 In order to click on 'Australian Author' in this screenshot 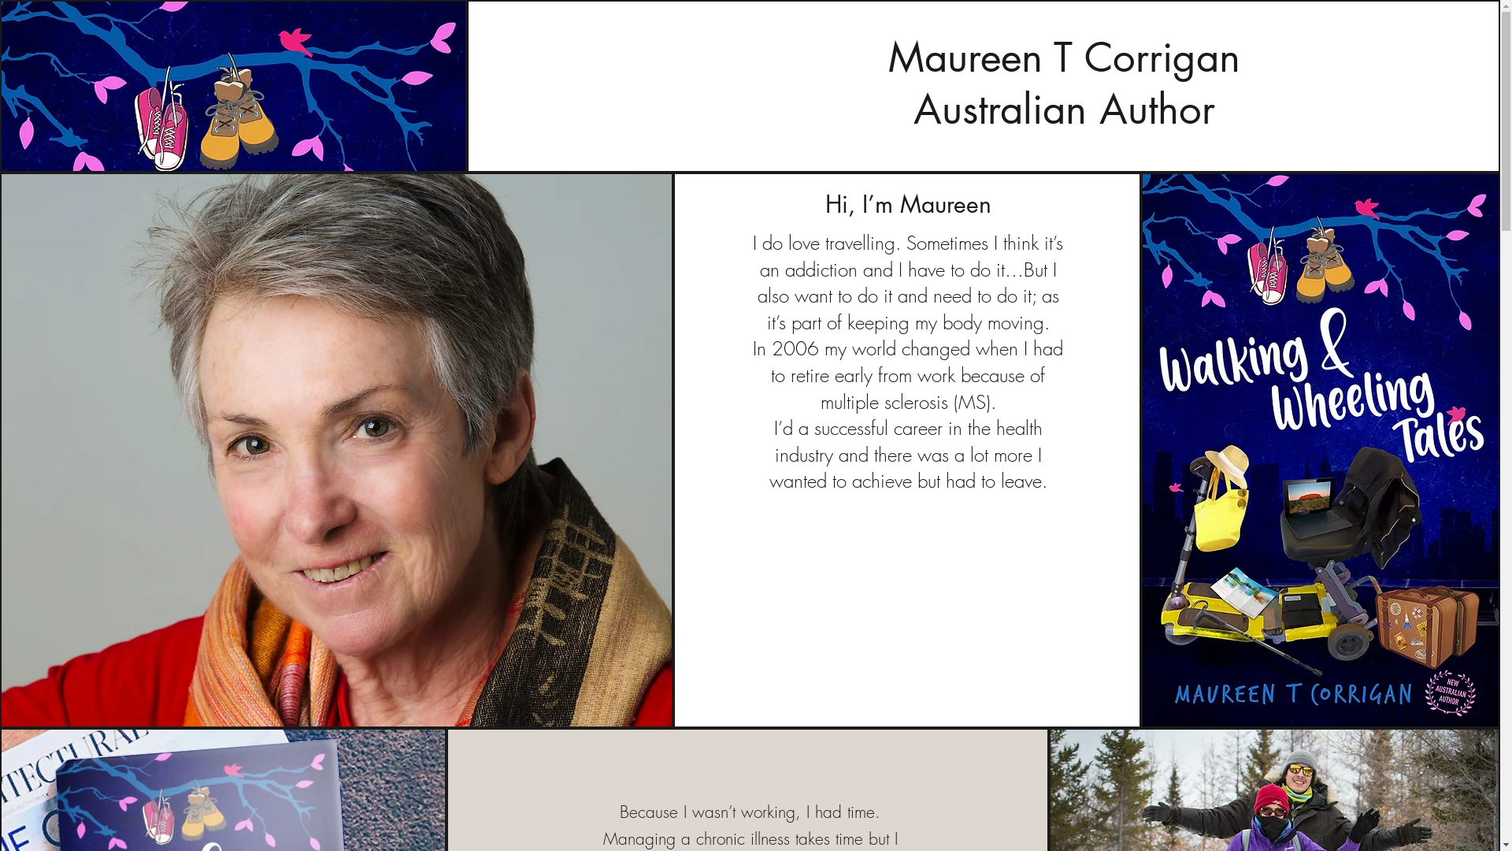, I will do `click(1064, 108)`.